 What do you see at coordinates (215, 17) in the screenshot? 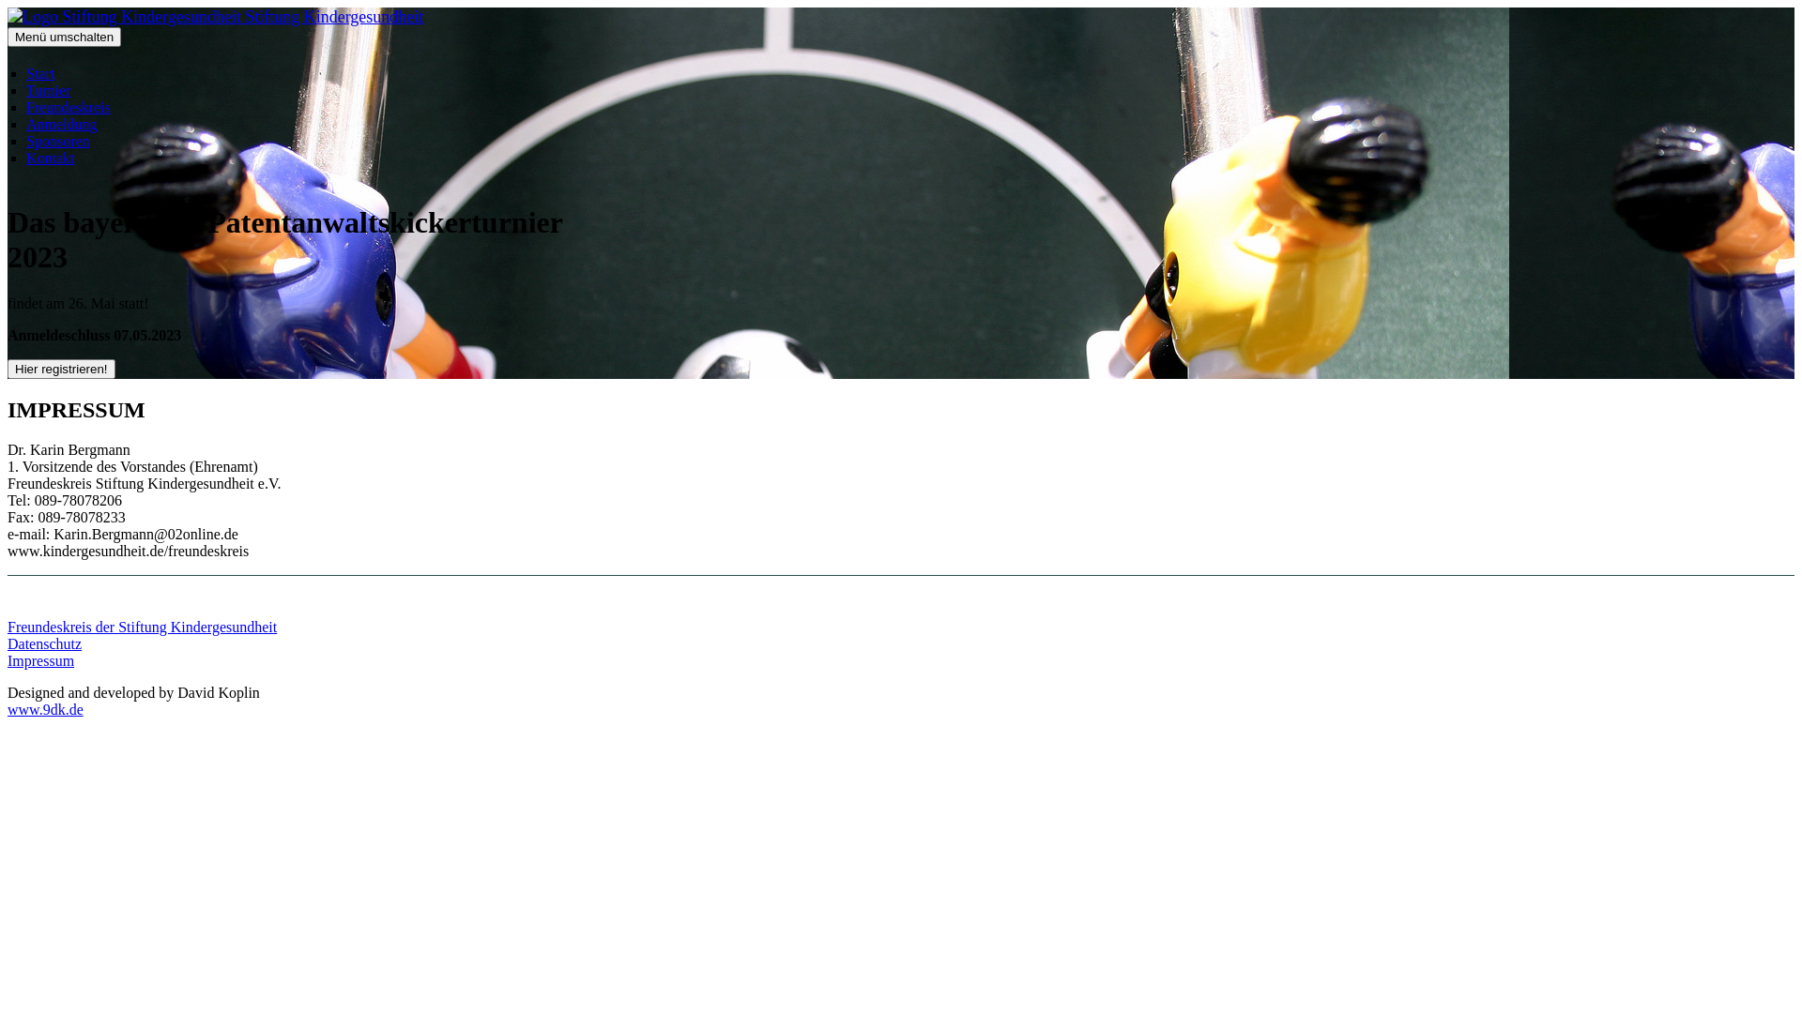
I see `'Stiftung Kindergesundheit'` at bounding box center [215, 17].